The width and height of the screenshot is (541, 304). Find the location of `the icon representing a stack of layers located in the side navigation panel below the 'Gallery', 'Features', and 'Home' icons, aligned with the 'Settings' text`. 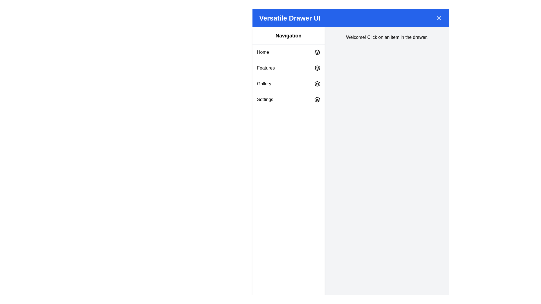

the icon representing a stack of layers located in the side navigation panel below the 'Gallery', 'Features', and 'Home' icons, aligned with the 'Settings' text is located at coordinates (317, 101).